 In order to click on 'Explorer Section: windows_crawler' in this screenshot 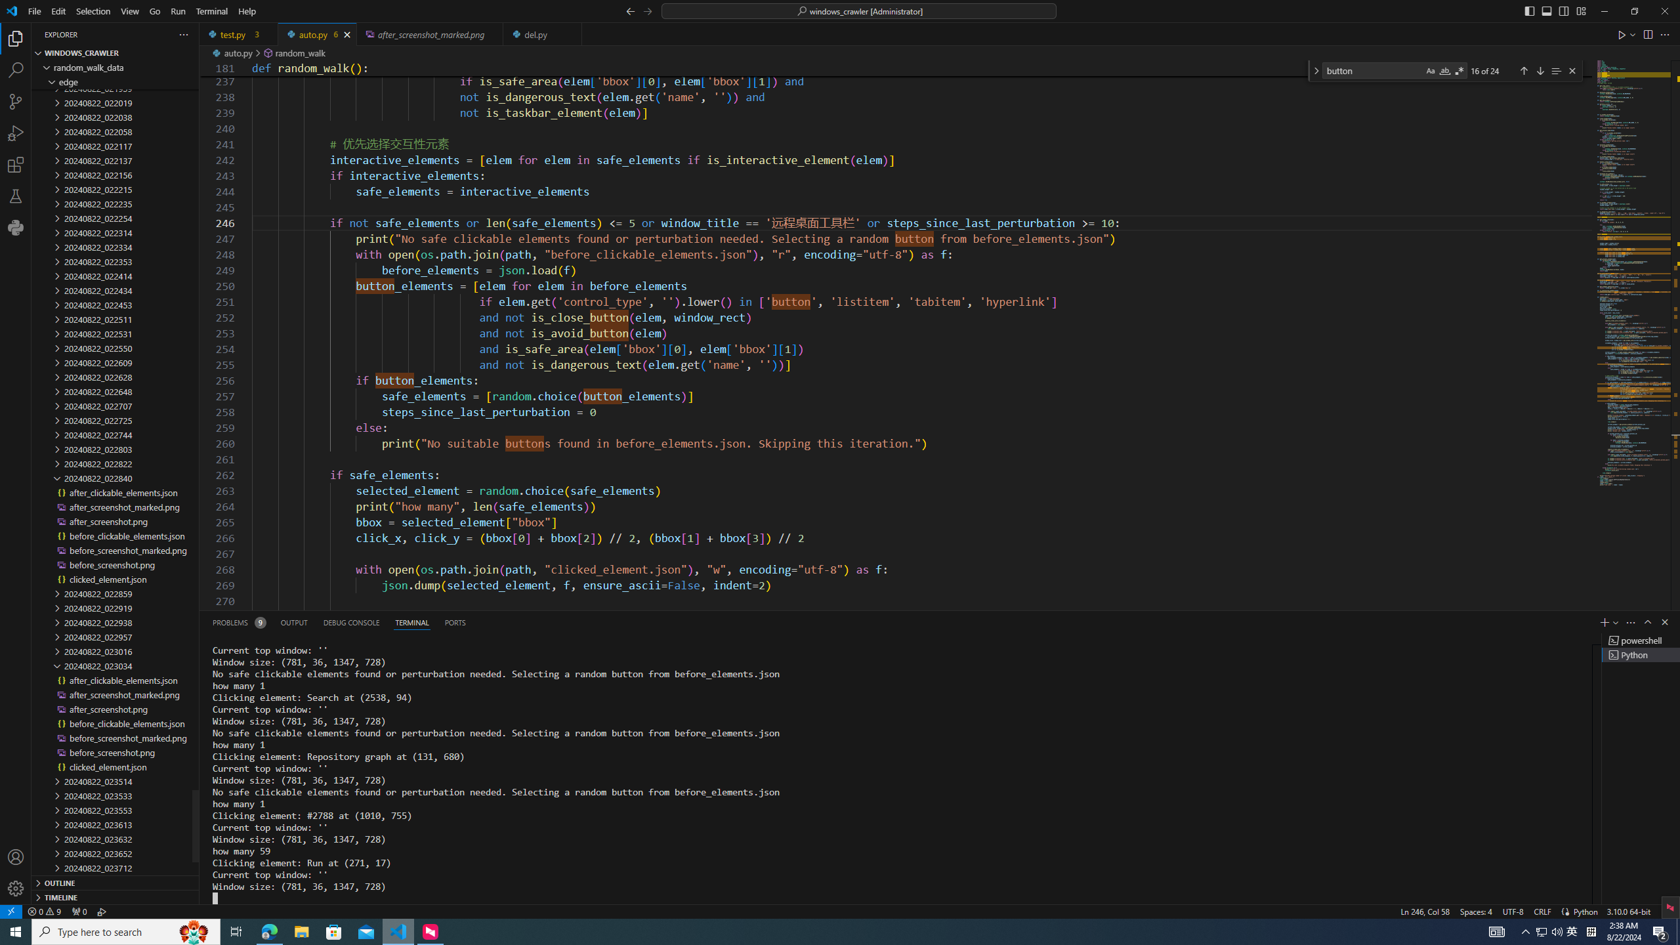, I will do `click(115, 52)`.